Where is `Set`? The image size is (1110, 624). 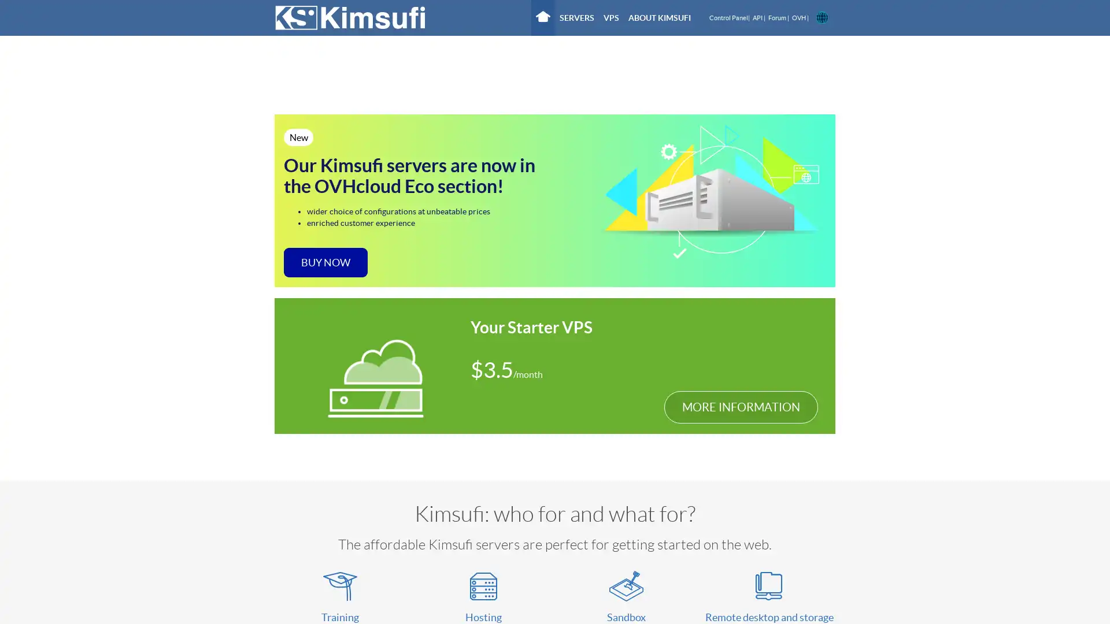 Set is located at coordinates (694, 285).